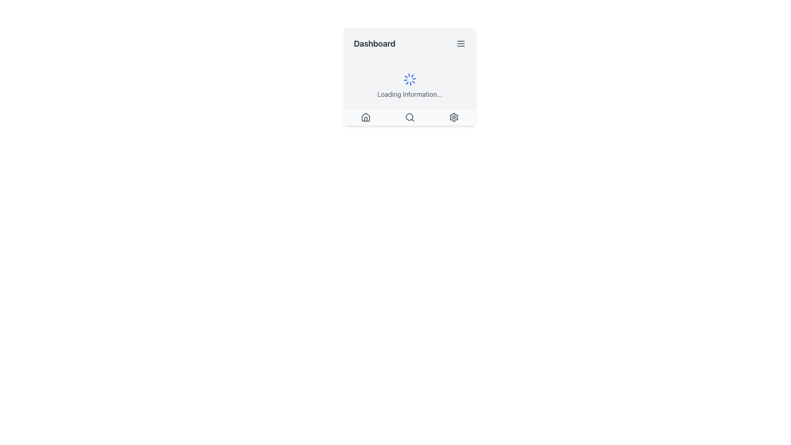  What do you see at coordinates (410, 117) in the screenshot?
I see `the search icon in the navigation bar located at the bottom of the card interface for additional visual feedback` at bounding box center [410, 117].